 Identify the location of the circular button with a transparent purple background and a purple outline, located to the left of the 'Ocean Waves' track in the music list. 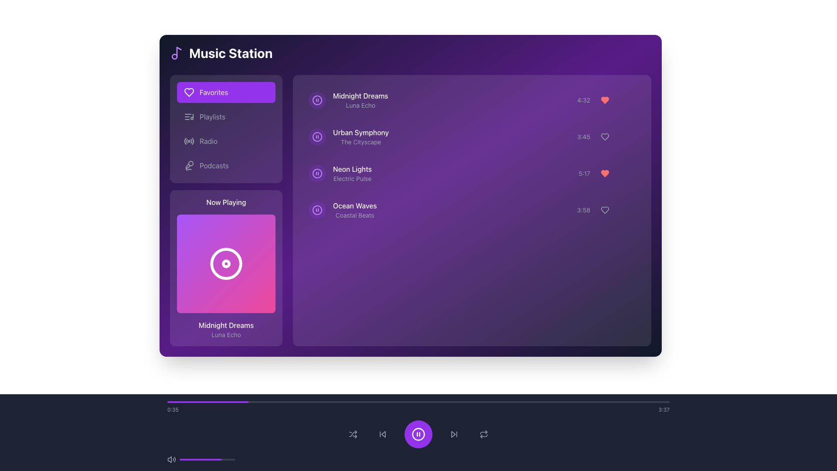
(317, 210).